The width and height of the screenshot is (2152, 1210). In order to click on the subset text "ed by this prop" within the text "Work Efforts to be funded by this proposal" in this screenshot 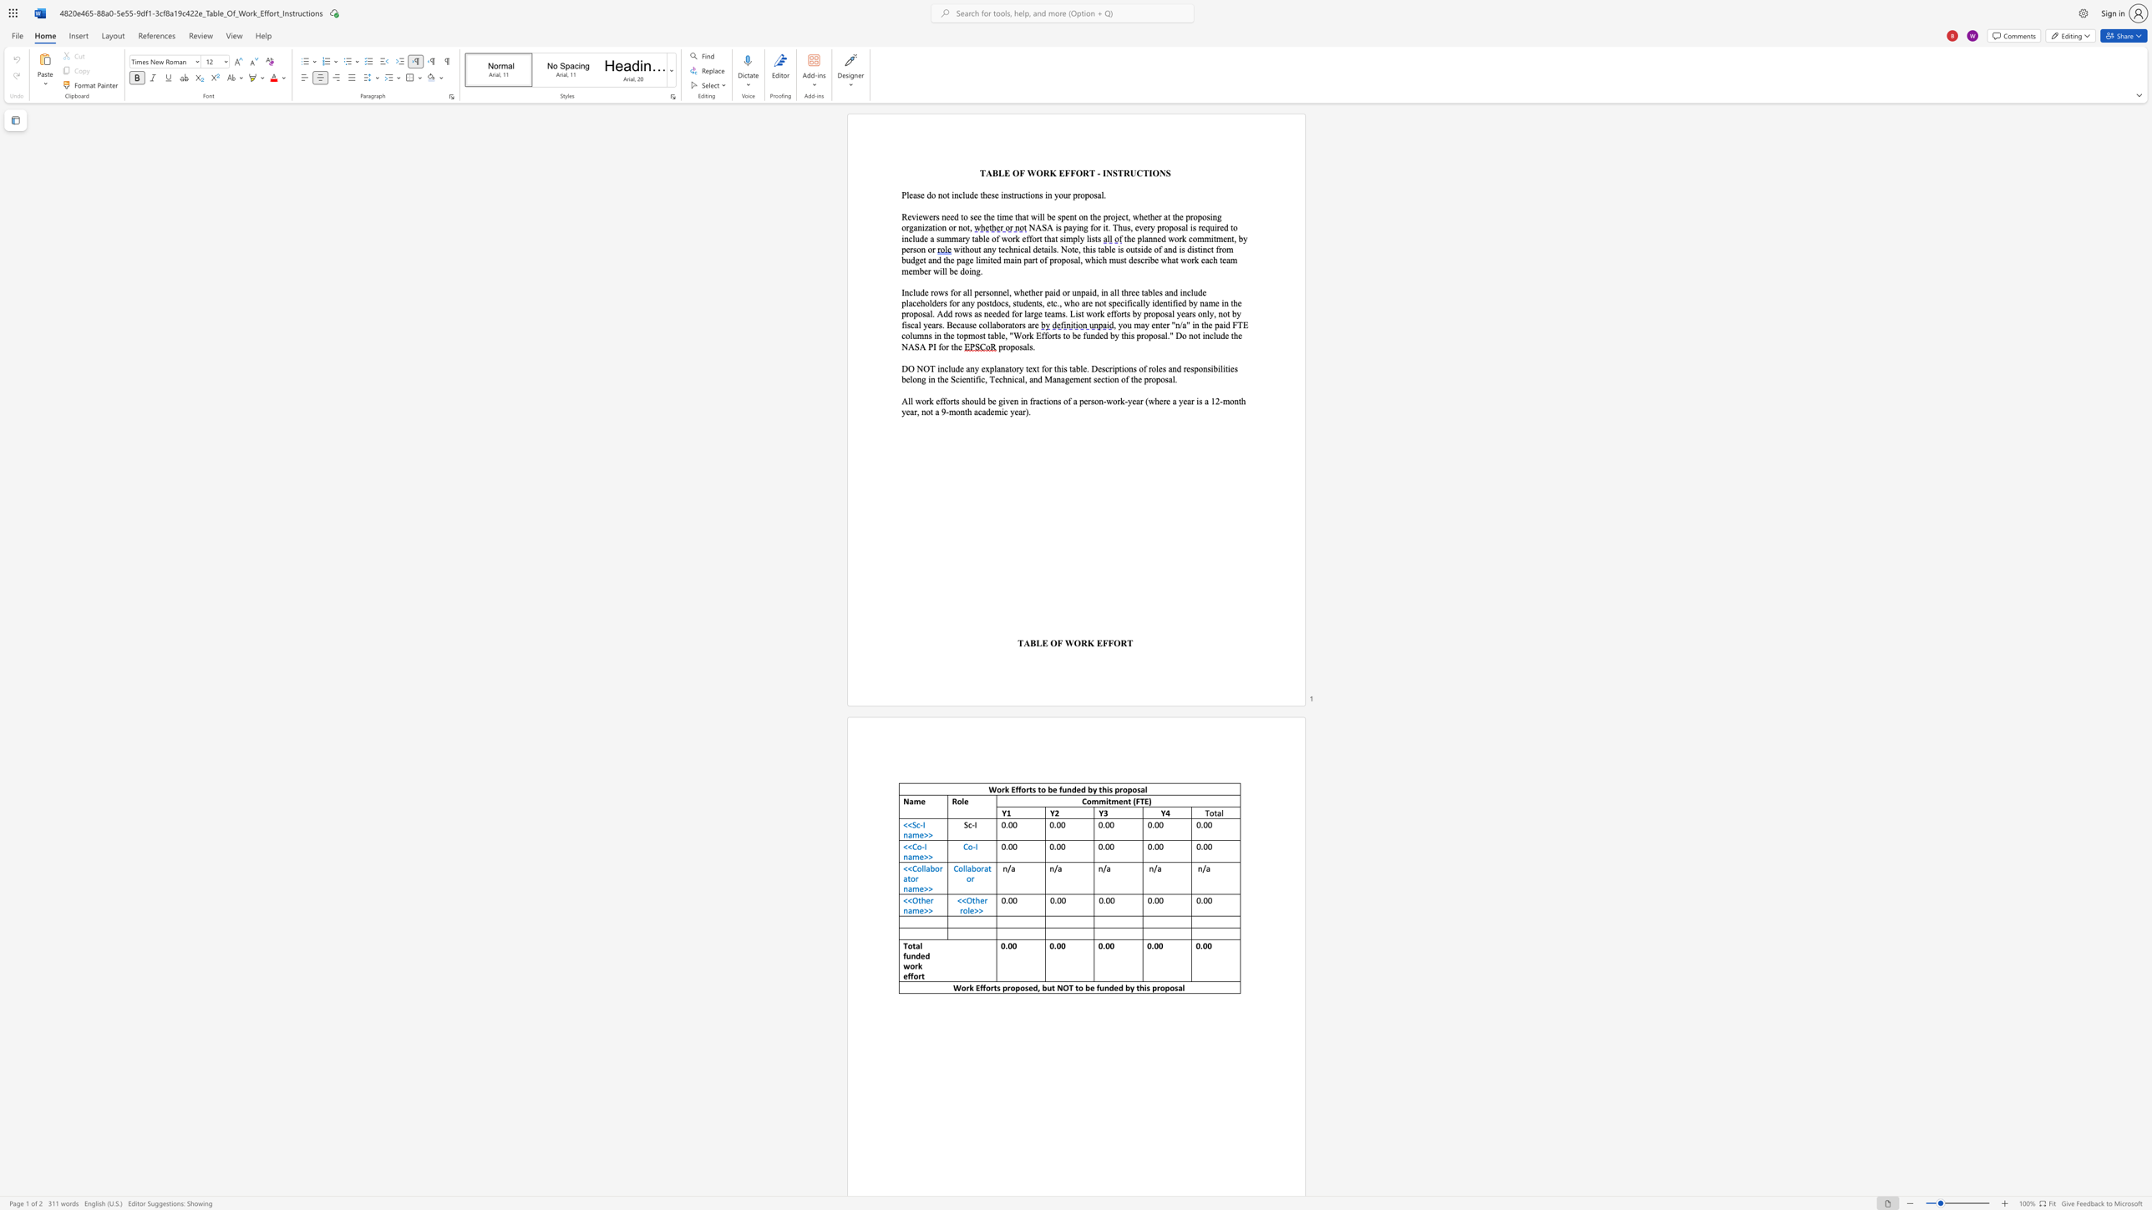, I will do `click(1076, 789)`.